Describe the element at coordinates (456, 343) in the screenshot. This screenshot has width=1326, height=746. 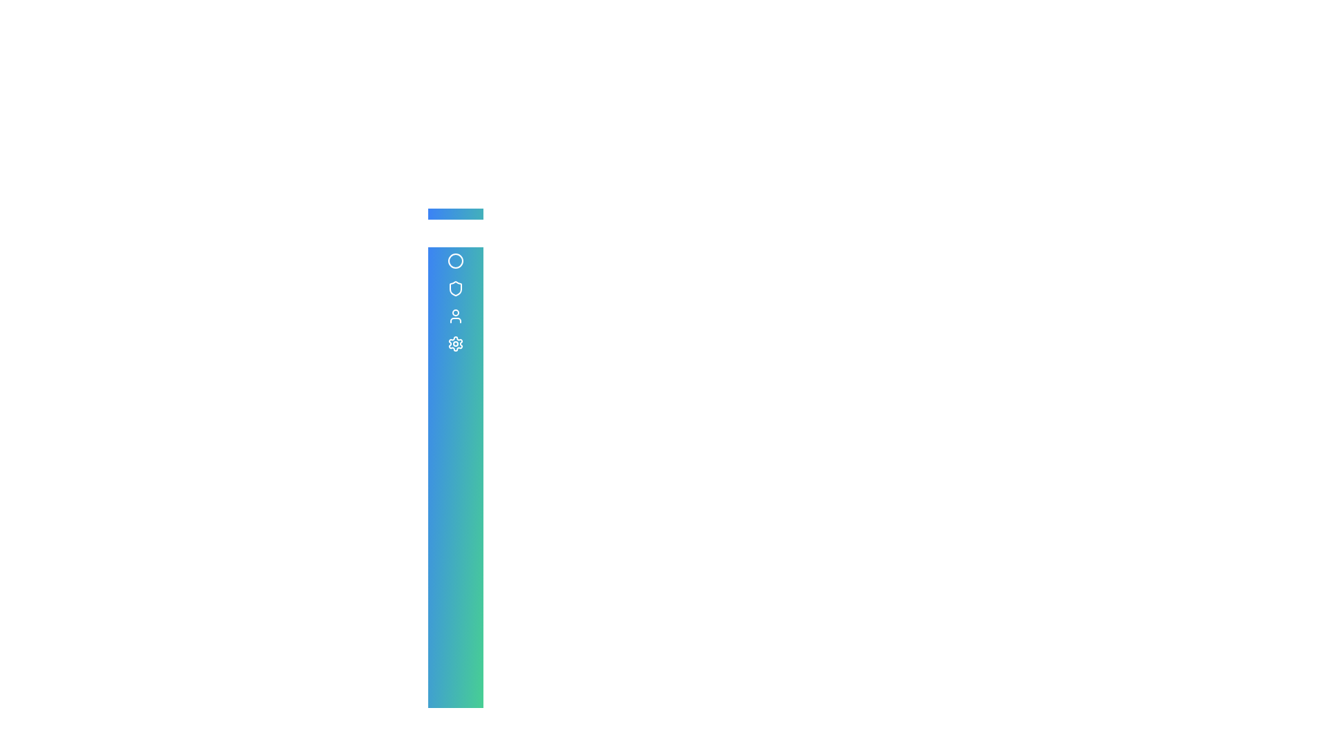
I see `the gear icon in the vertical side menu` at that location.